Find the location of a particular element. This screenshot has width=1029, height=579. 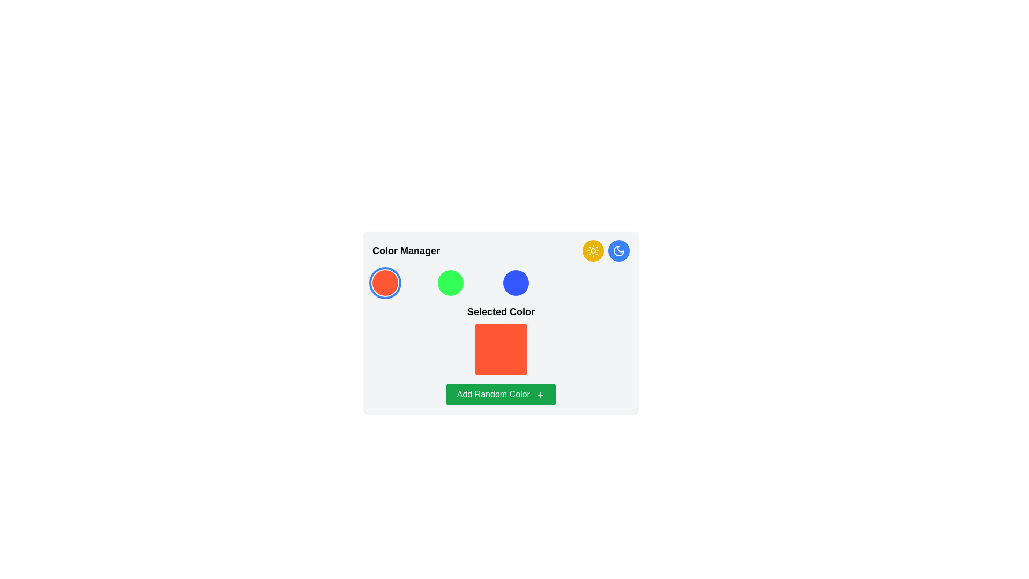

the toggle button for 'day mode' and 'night mode' in the top-right section of the 'Color Manager' panel is located at coordinates (606, 250).